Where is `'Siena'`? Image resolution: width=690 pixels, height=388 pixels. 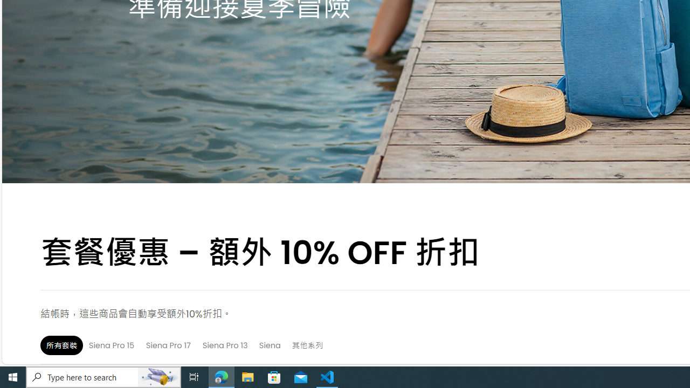
'Siena' is located at coordinates (270, 345).